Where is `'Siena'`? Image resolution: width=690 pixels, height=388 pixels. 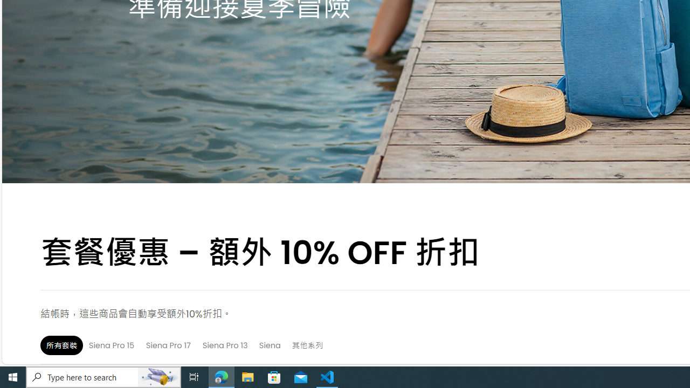
'Siena' is located at coordinates (270, 345).